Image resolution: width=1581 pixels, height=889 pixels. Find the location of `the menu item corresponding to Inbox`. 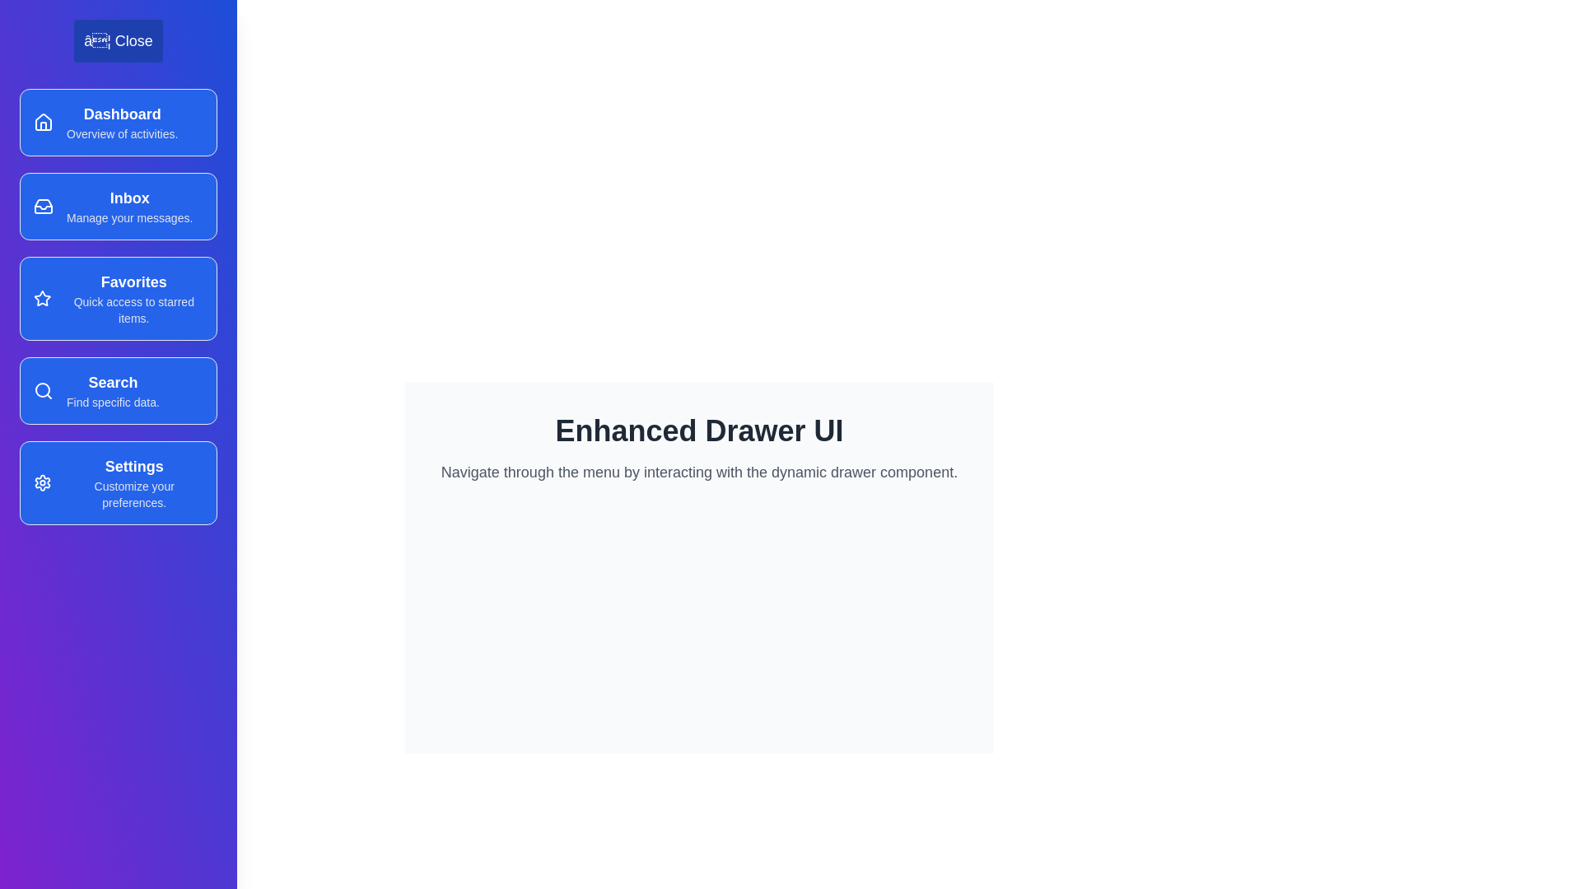

the menu item corresponding to Inbox is located at coordinates (118, 205).